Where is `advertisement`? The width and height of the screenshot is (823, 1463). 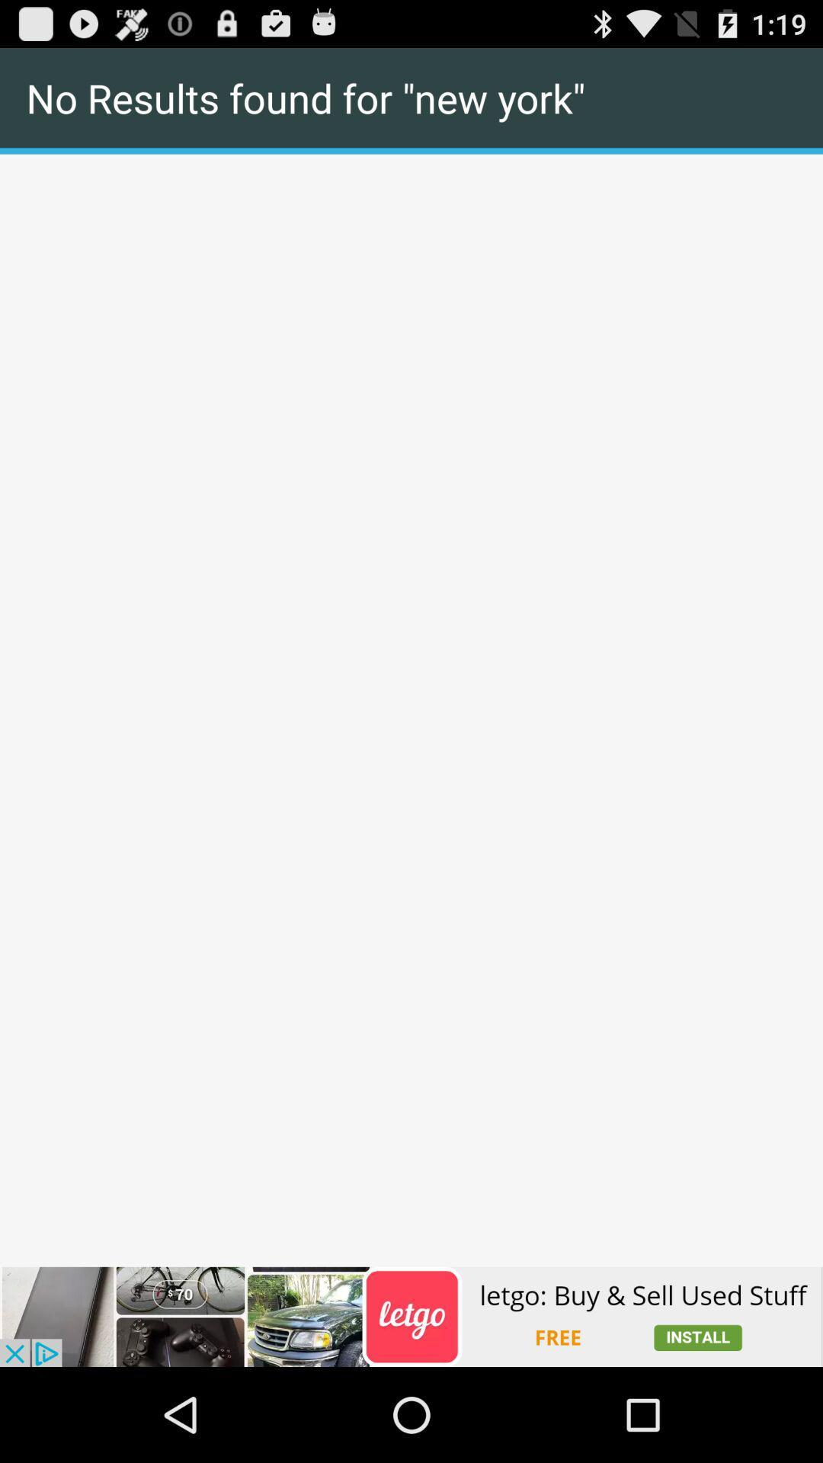
advertisement is located at coordinates (411, 1316).